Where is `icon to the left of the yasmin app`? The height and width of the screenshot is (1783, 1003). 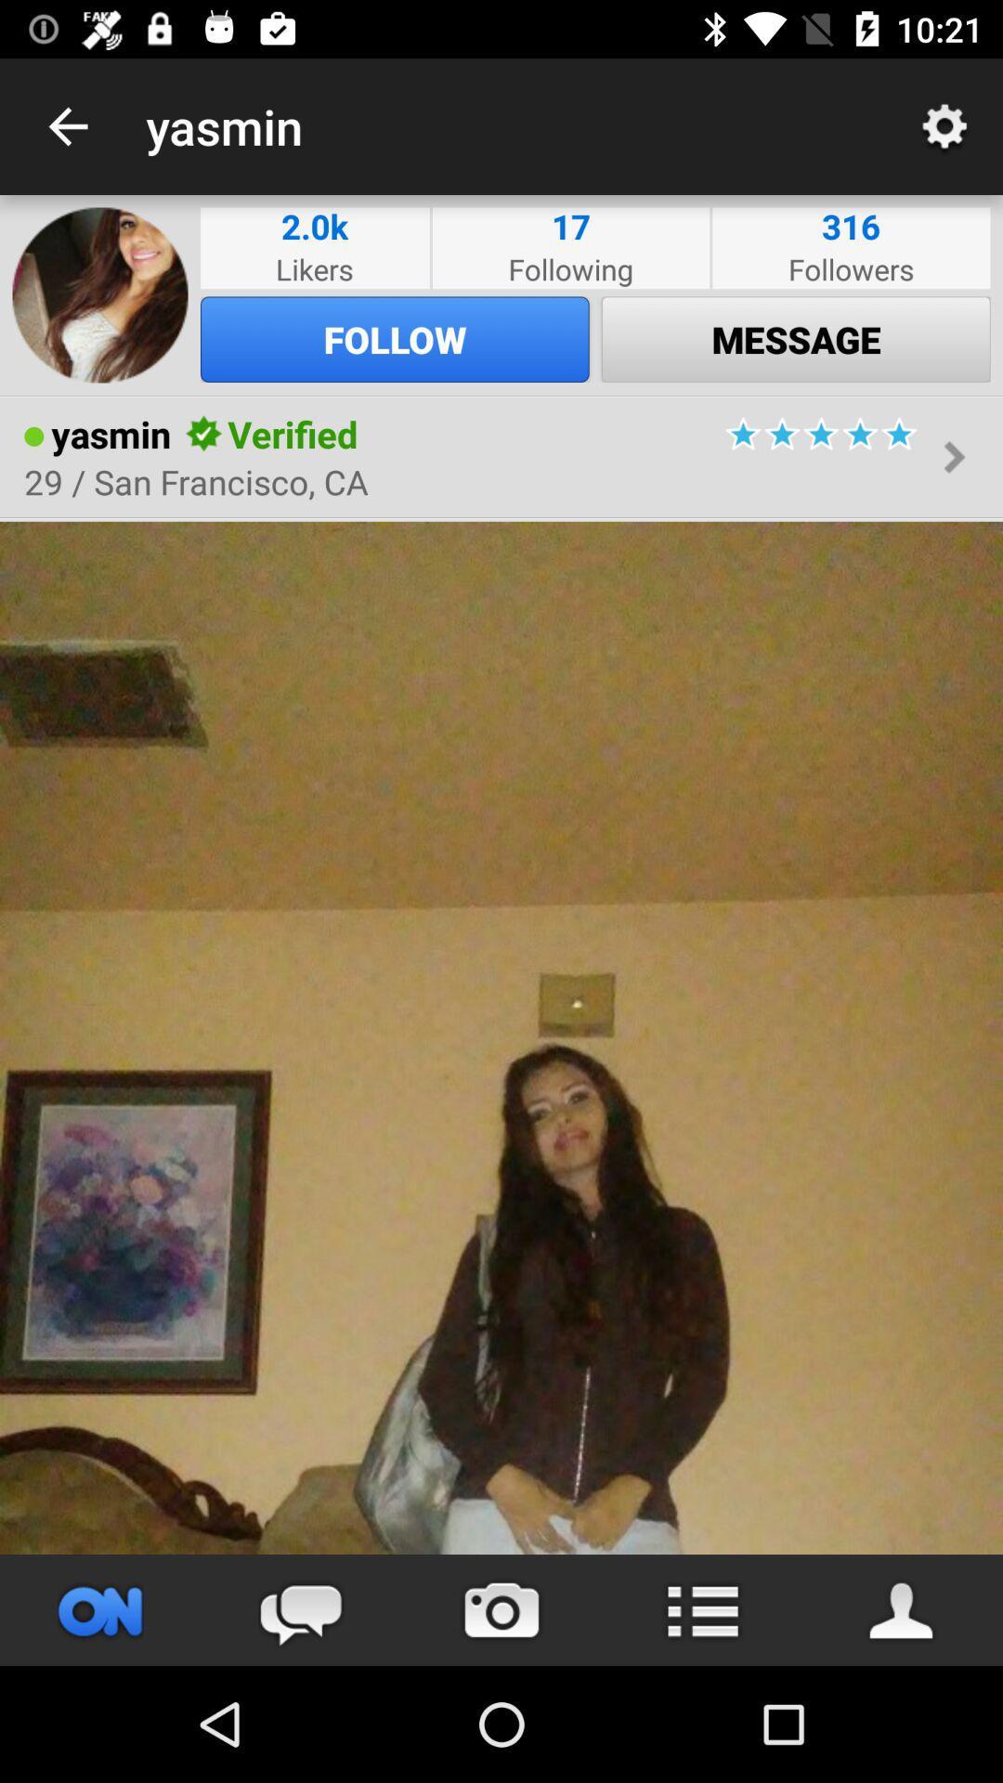 icon to the left of the yasmin app is located at coordinates (67, 125).